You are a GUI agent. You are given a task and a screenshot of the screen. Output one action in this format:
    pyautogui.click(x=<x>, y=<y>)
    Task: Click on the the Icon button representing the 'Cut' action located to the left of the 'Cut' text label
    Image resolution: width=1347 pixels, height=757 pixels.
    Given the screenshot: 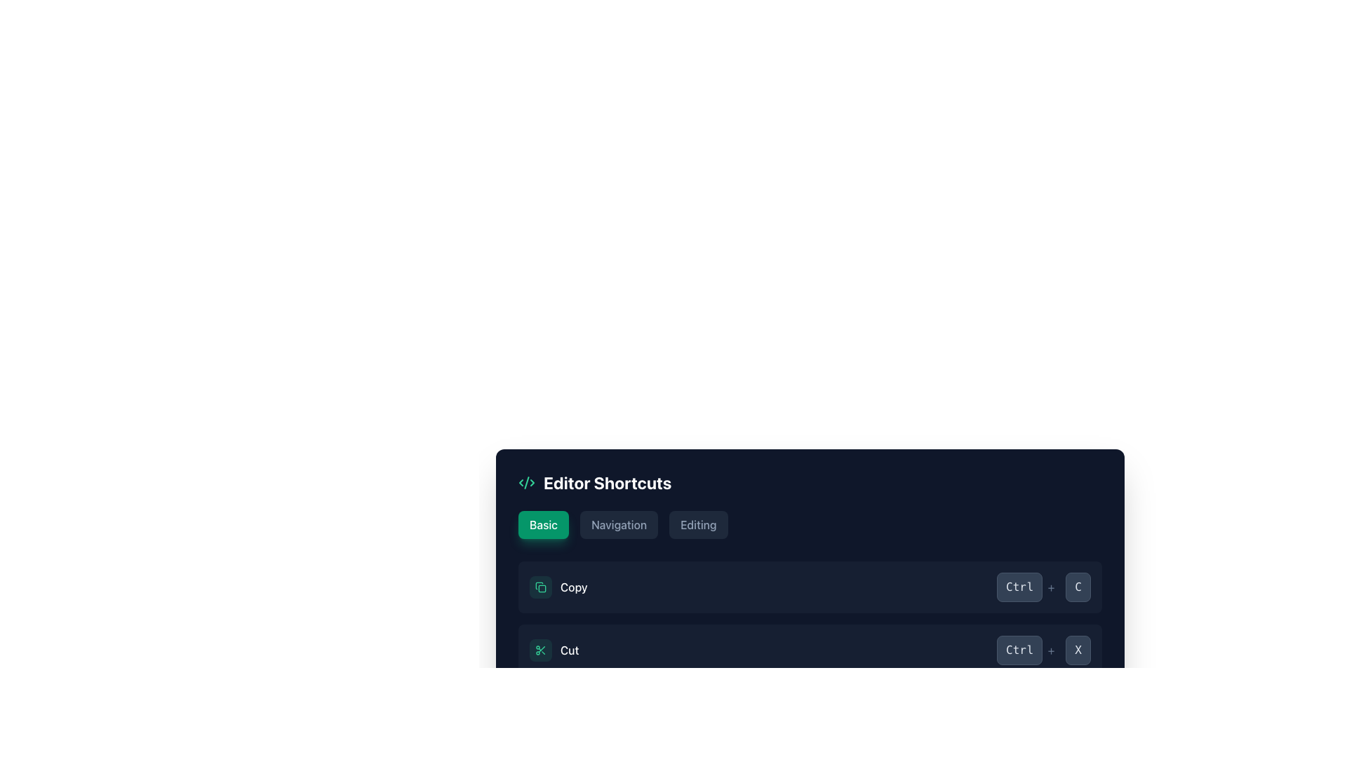 What is the action you would take?
    pyautogui.click(x=540, y=650)
    